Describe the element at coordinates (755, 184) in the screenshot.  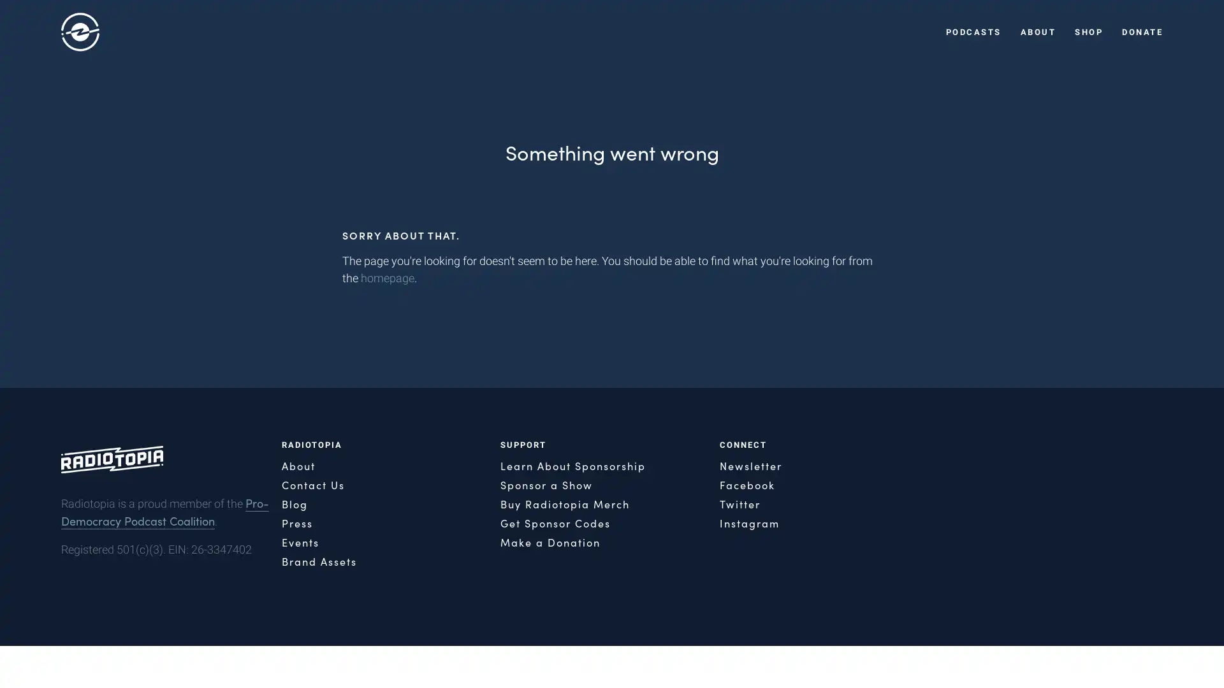
I see `Close` at that location.